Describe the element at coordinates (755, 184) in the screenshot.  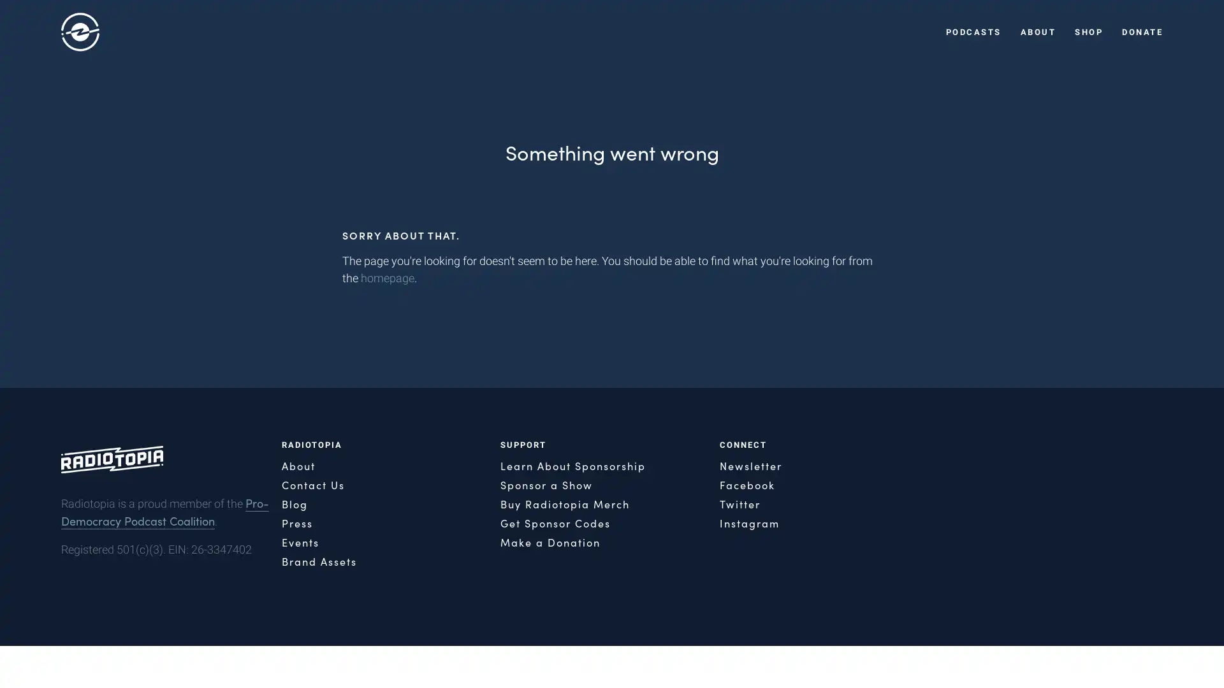
I see `Close` at that location.